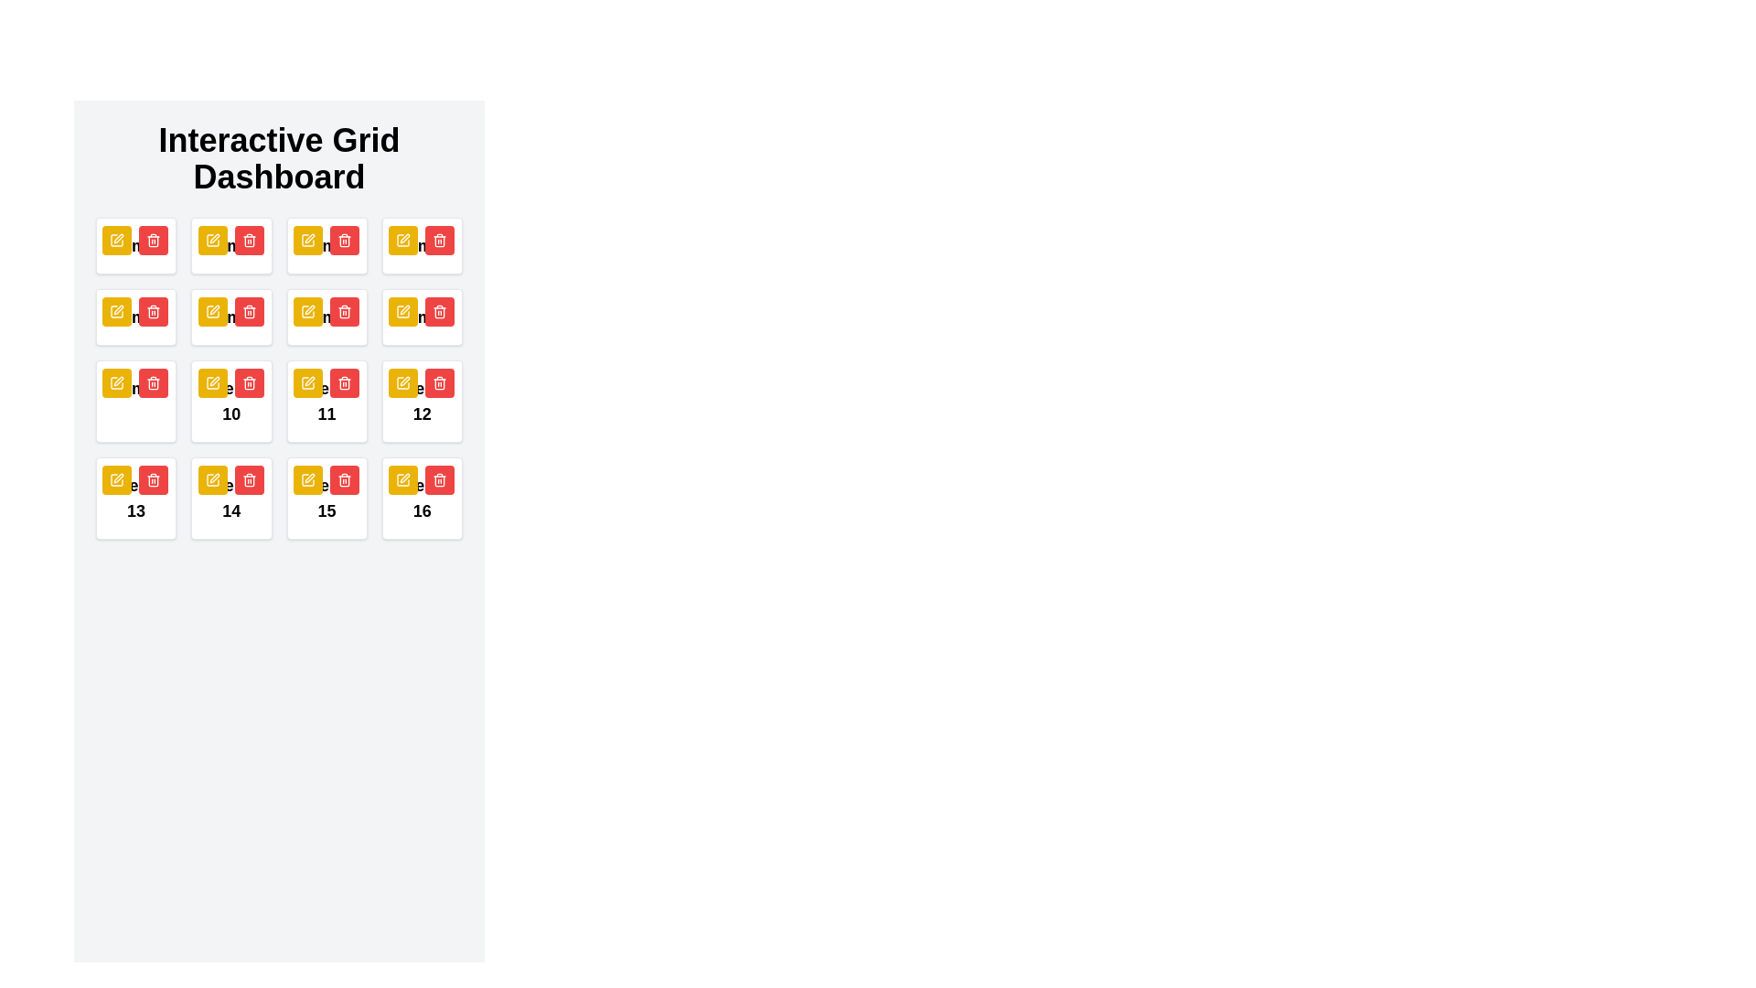  Describe the element at coordinates (135, 317) in the screenshot. I see `the edit button located on the fifth card in the second row of the 'Interactive Grid Dashboard' to initiate editing` at that location.